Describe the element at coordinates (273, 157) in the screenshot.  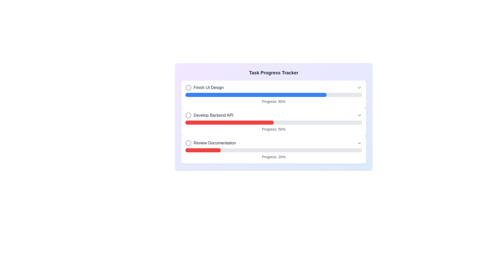
I see `information displayed in the Text Display for the task labeled 'Review Documentation', which shows the percentage of task completion` at that location.